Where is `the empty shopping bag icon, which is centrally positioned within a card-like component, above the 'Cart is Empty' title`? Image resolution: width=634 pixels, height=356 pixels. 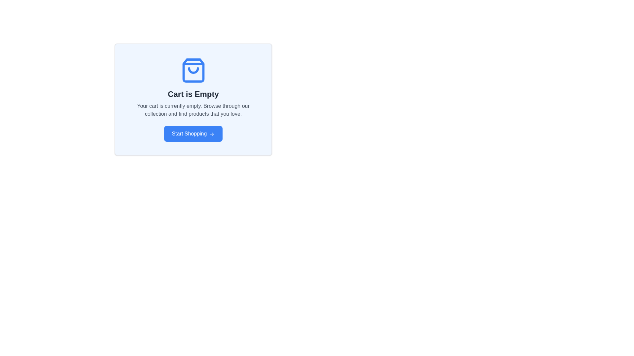
the empty shopping bag icon, which is centrally positioned within a card-like component, above the 'Cart is Empty' title is located at coordinates (193, 70).